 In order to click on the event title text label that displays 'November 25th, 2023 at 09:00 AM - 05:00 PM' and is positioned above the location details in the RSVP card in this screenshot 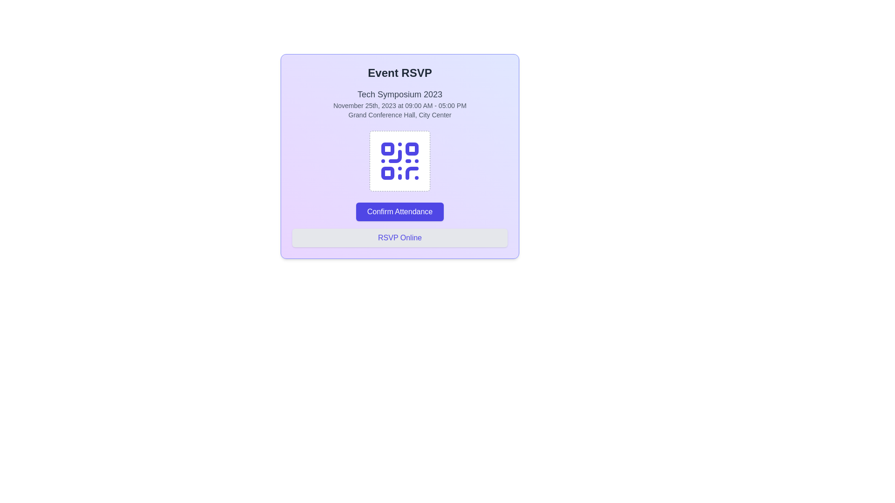, I will do `click(400, 95)`.